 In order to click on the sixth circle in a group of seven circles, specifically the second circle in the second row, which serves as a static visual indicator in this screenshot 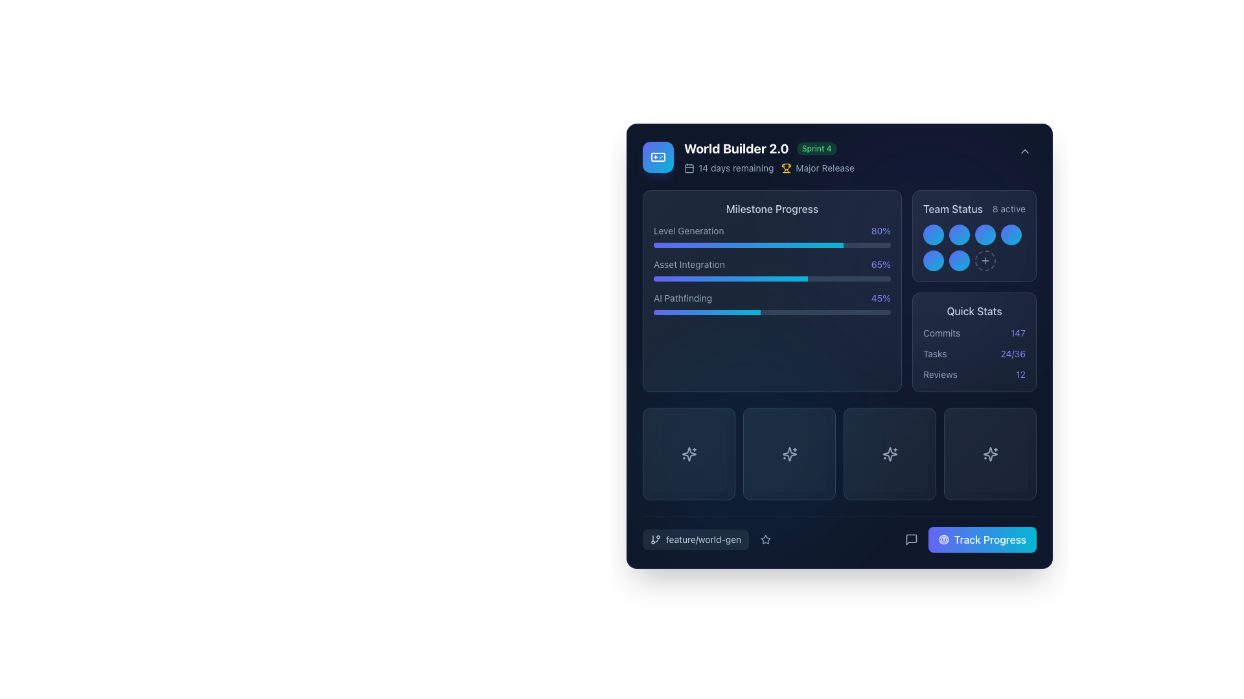, I will do `click(960, 260)`.